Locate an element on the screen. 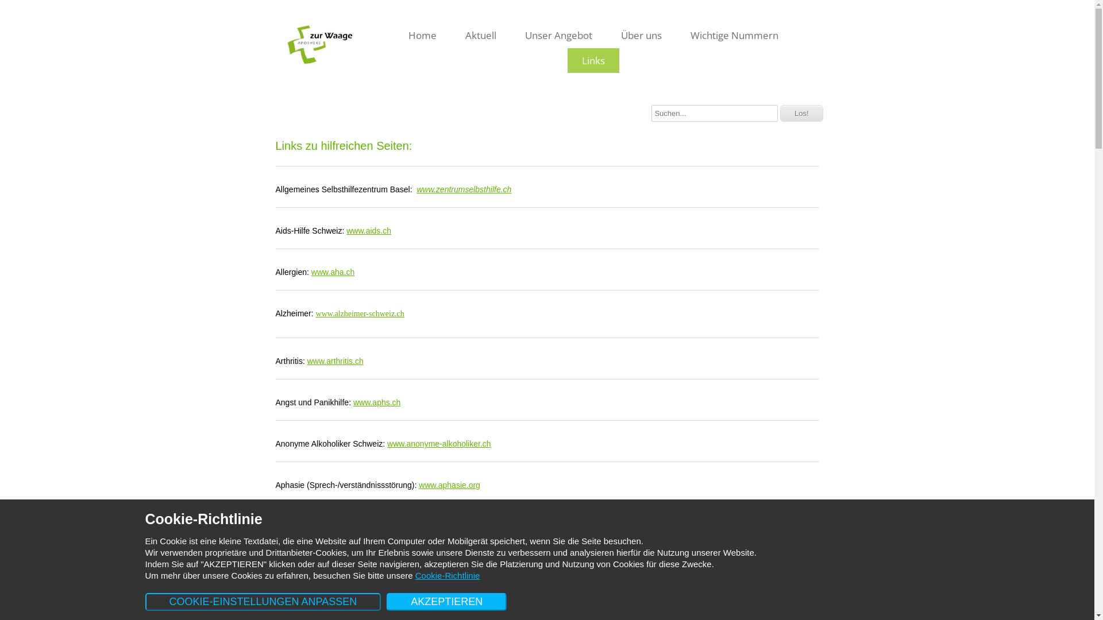 The height and width of the screenshot is (620, 1103). 'www.astrea-apotheke.ch' is located at coordinates (383, 526).